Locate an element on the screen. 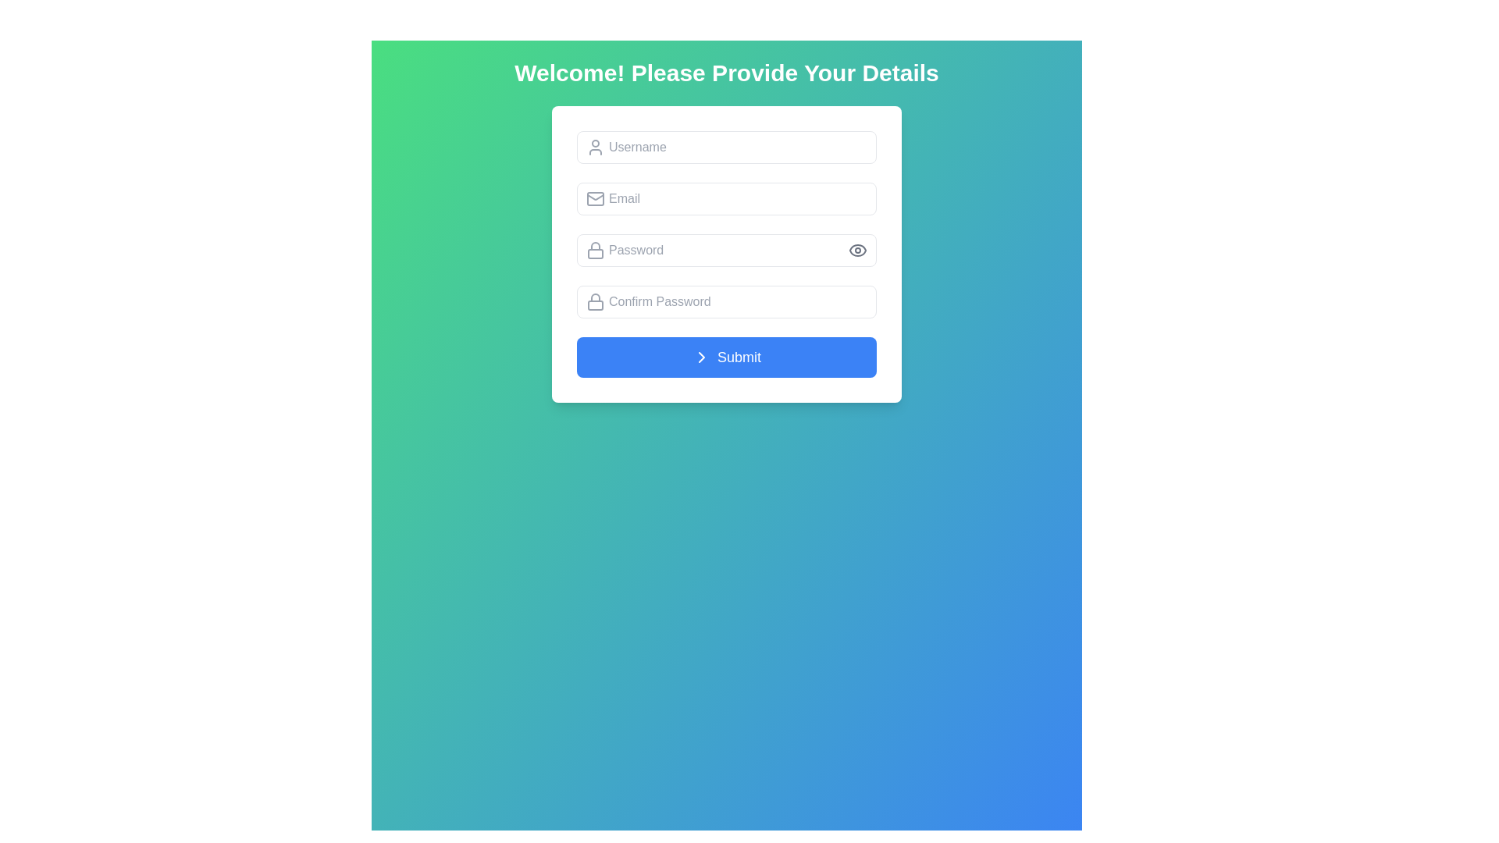 This screenshot has width=1499, height=843. the right-pointing chevron icon is located at coordinates (700, 357).